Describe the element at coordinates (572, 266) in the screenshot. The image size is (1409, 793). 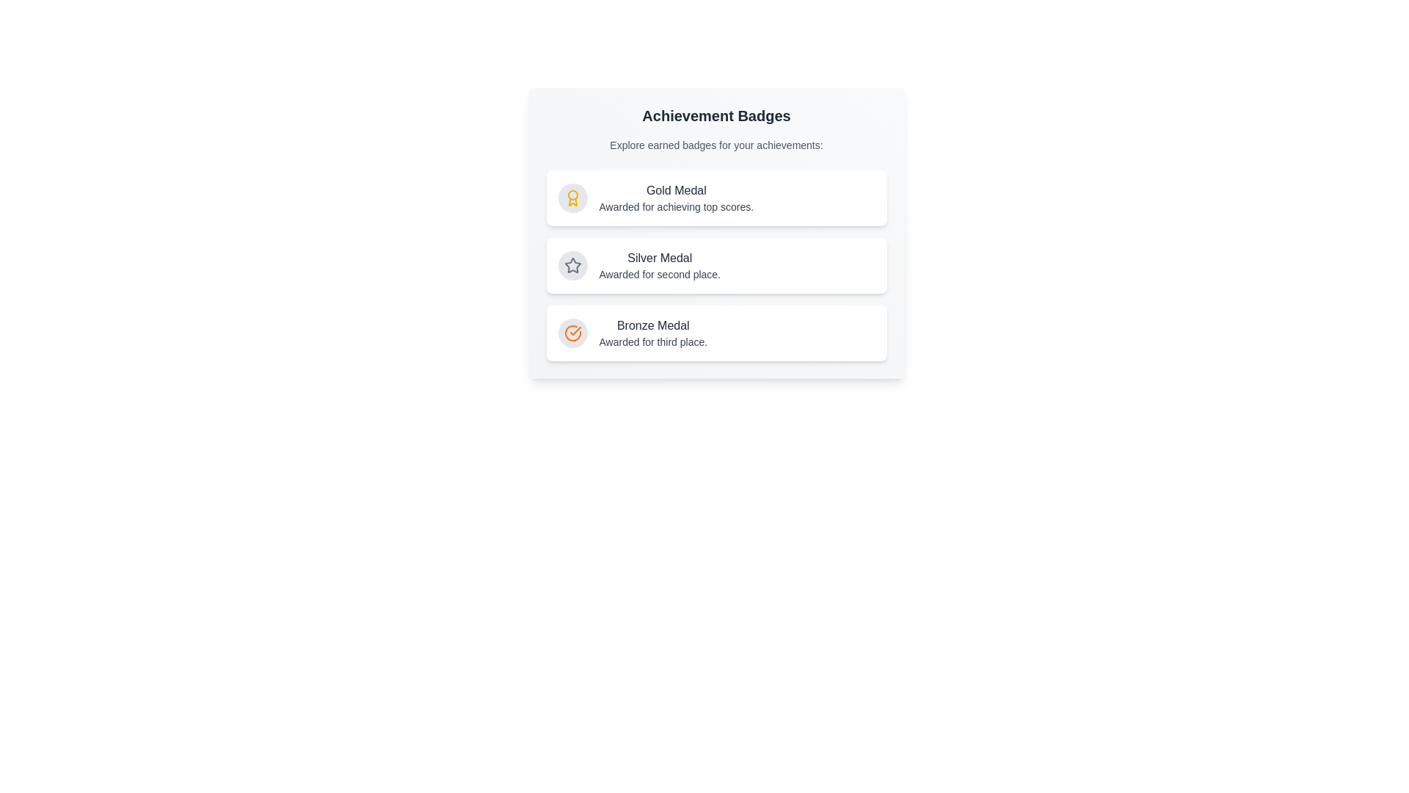
I see `the 'Silver Medal' achievement icon located on the left side of the 'Silver Medal' section, just before the text 'Silver Medal Awarded for second place.'` at that location.